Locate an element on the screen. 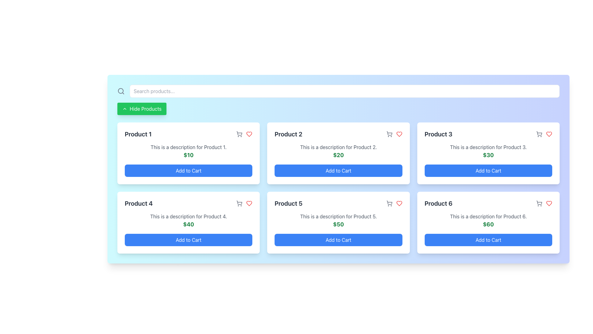  price value displayed for 'Product 2', which is located below the description text and above the 'Add to Cart' button is located at coordinates (338, 155).